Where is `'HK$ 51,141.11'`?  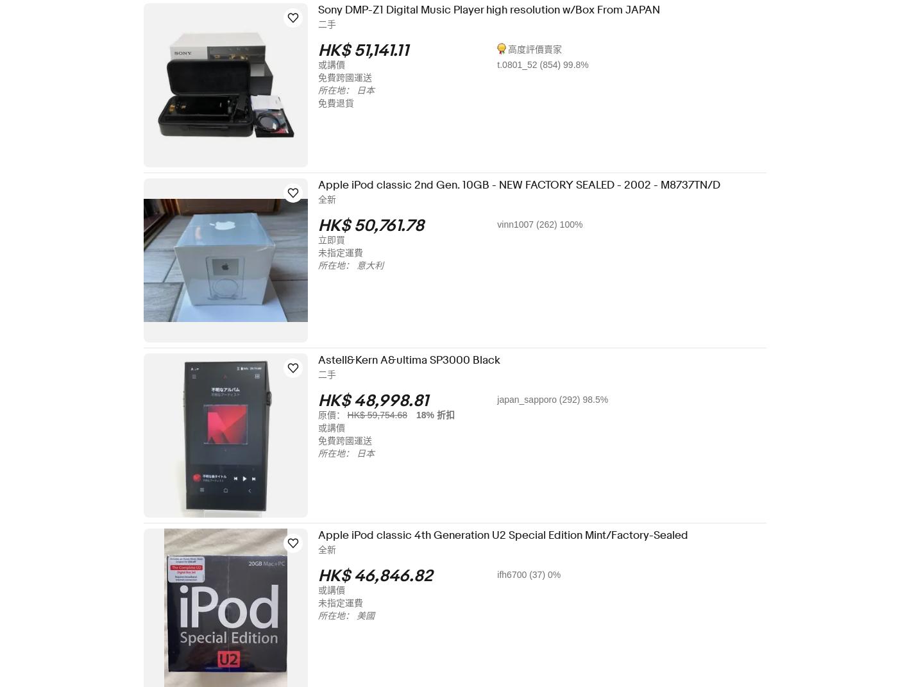
'HK$ 51,141.11' is located at coordinates (371, 51).